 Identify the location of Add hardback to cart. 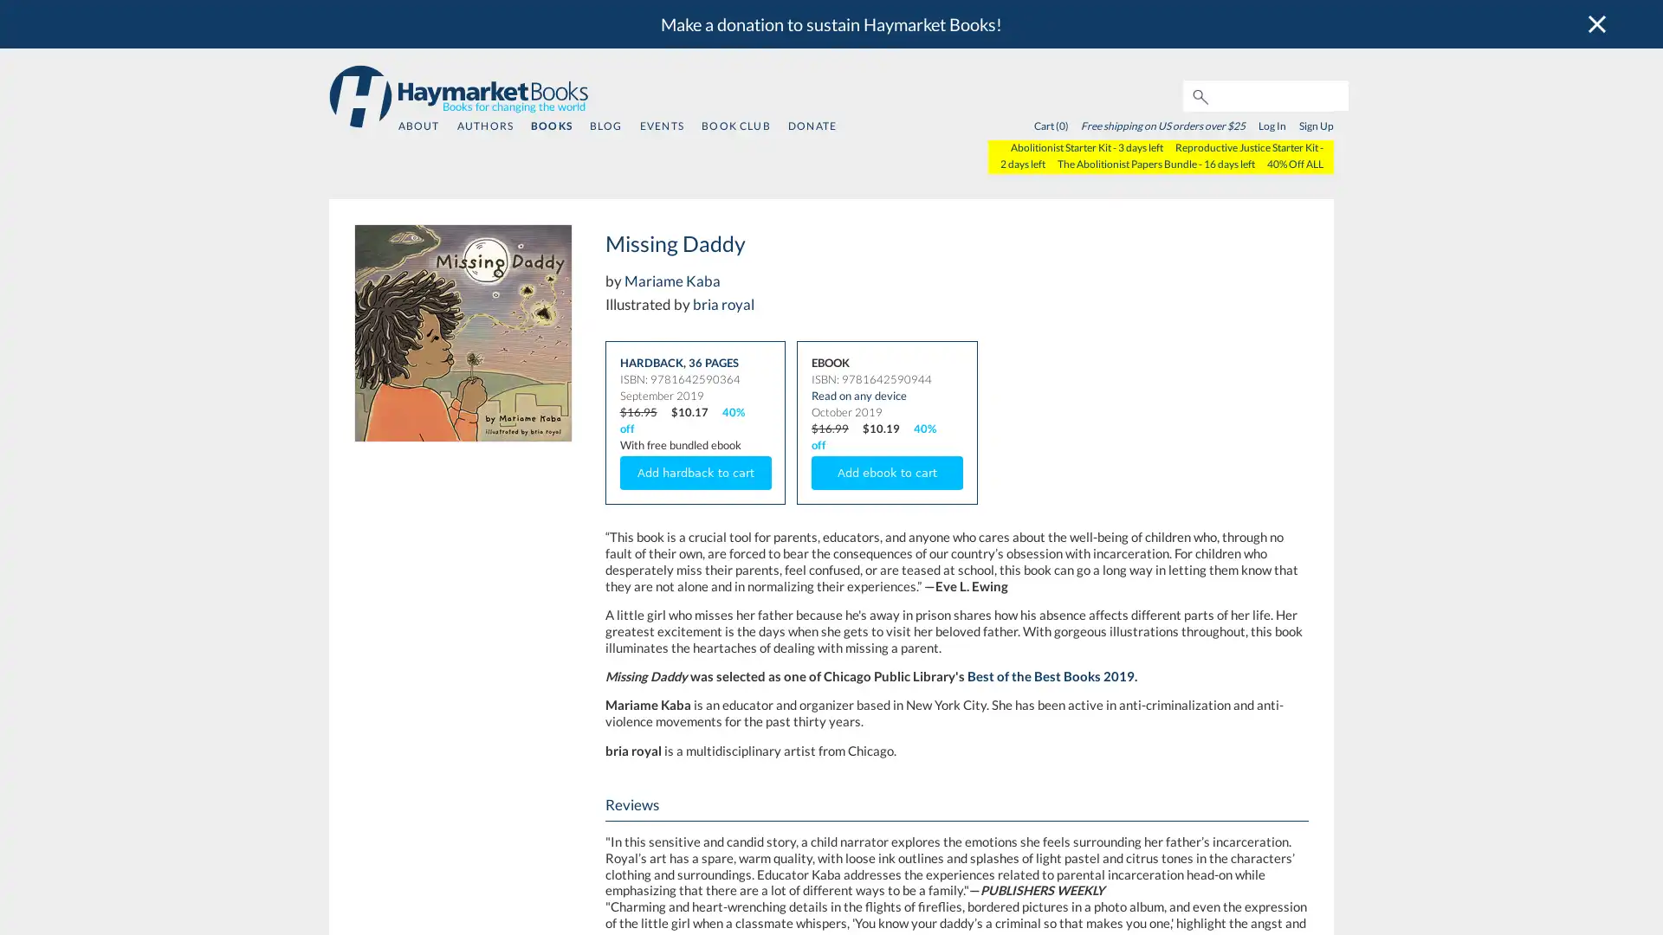
(695, 473).